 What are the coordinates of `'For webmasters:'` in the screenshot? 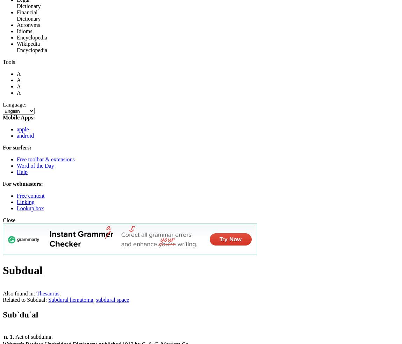 It's located at (2, 184).